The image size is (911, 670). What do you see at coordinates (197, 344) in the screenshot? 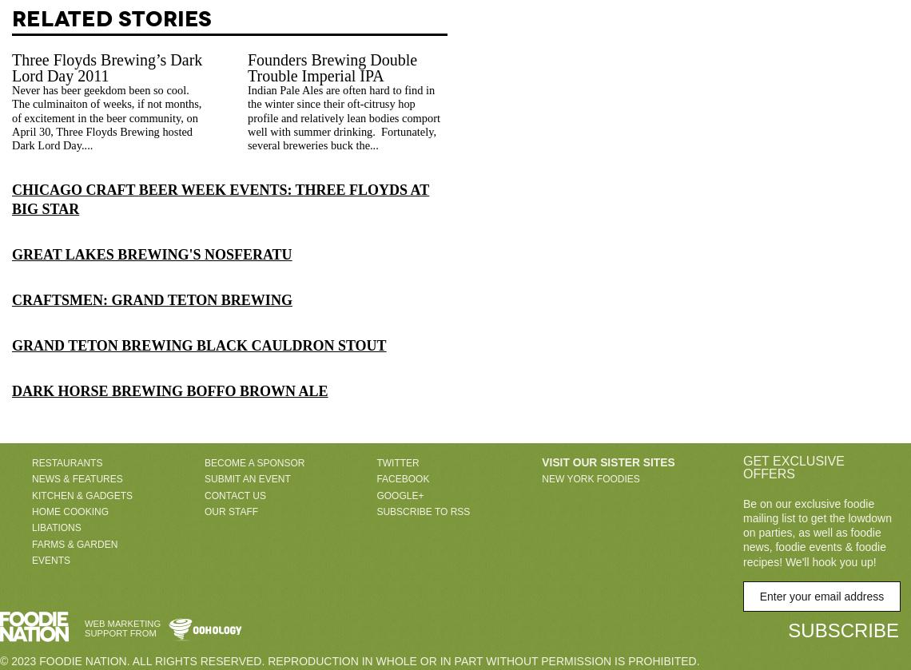
I see `'Grand Teton Brewing Black Cauldron Stout'` at bounding box center [197, 344].